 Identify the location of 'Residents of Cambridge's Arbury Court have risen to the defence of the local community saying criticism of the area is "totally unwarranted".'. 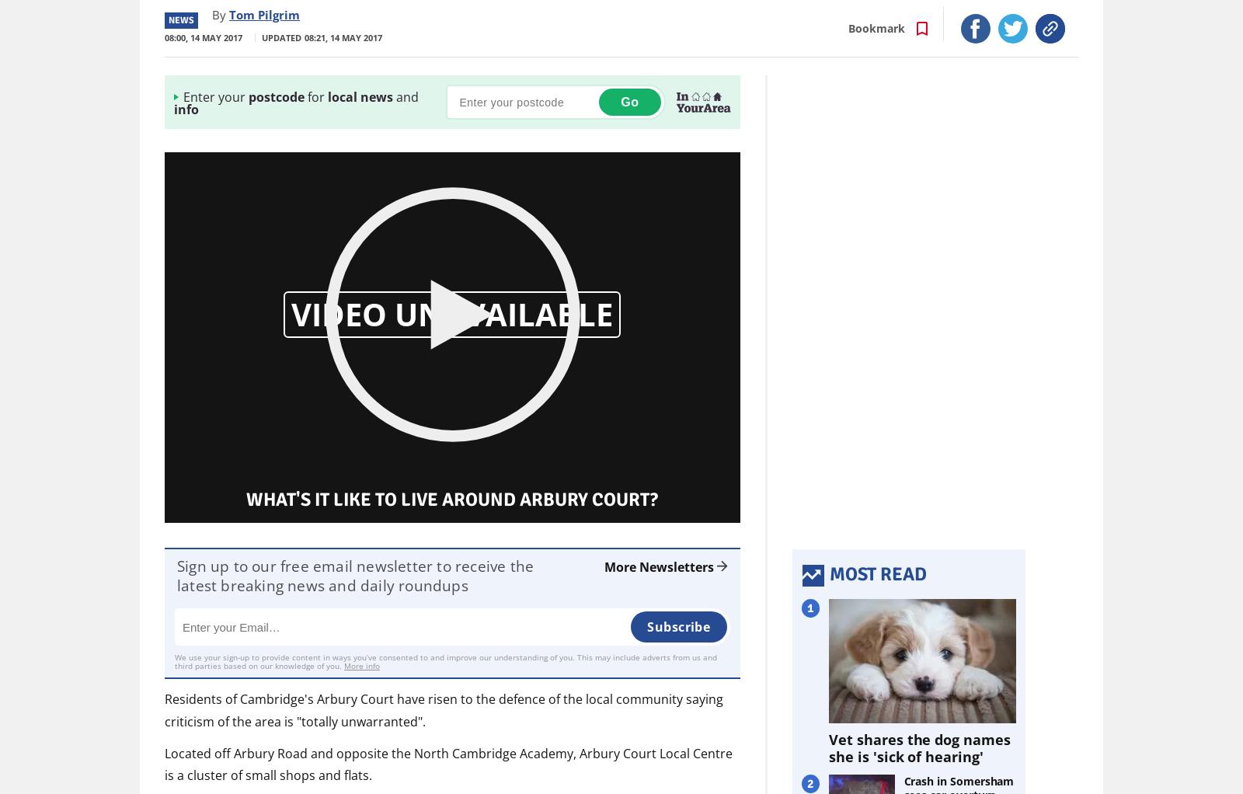
(443, 709).